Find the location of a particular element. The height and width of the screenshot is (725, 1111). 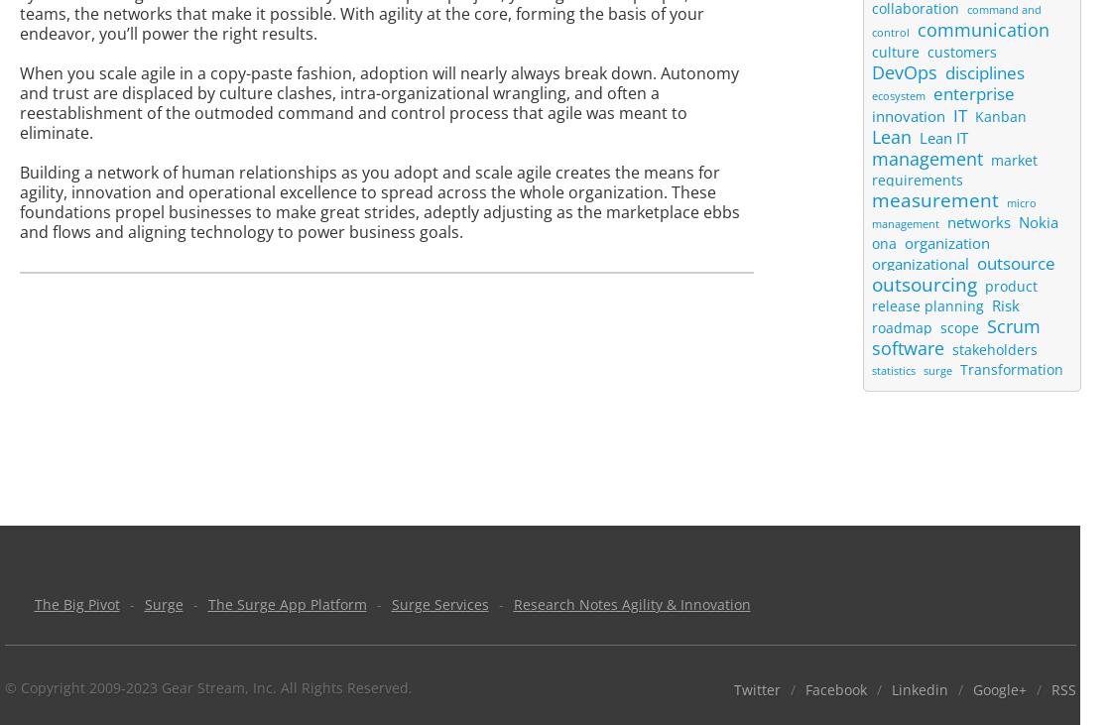

'RSS' is located at coordinates (1062, 689).